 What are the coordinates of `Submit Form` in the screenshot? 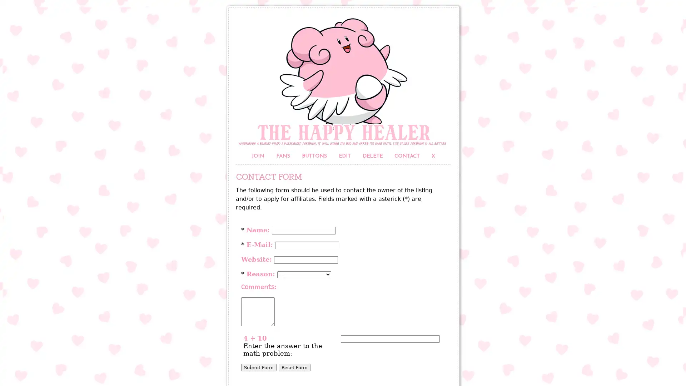 It's located at (258, 367).